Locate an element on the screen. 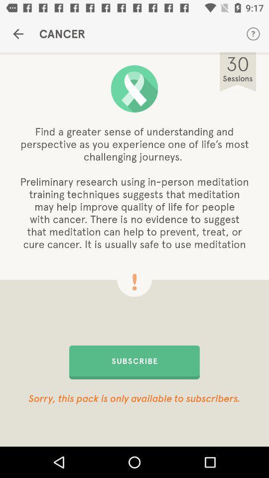 The height and width of the screenshot is (478, 269). the icon to the right of the cancer icon is located at coordinates (253, 34).